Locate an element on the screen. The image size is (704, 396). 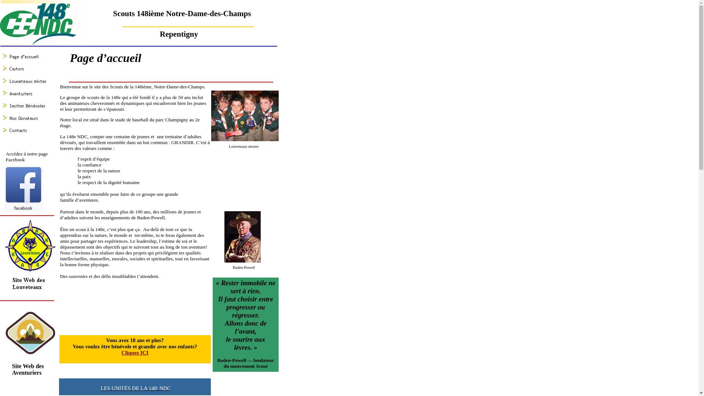
'Cliquez ICI' is located at coordinates (121, 352).